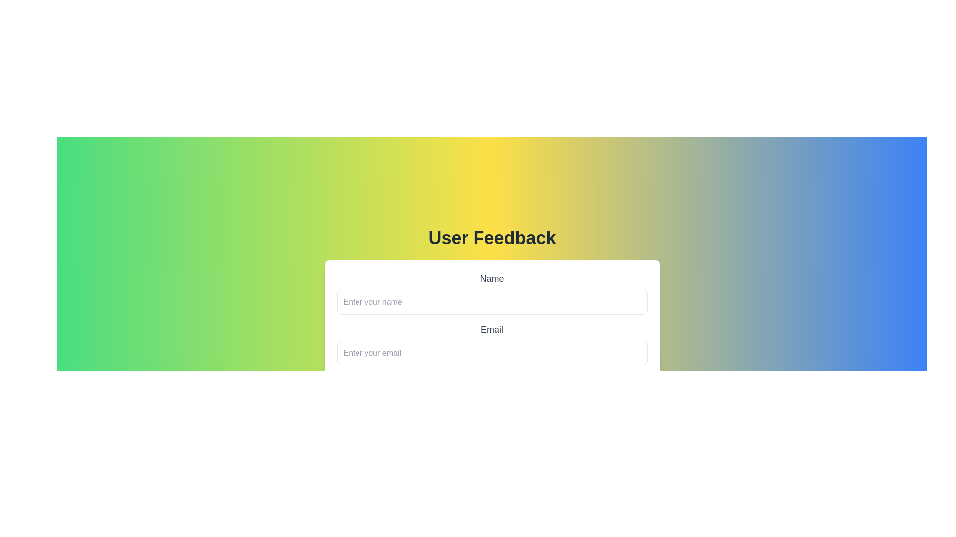 The image size is (956, 537). What do you see at coordinates (492, 278) in the screenshot?
I see `the text label displaying 'Name' in a large font, which is positioned at the top of the form layout above the name input field` at bounding box center [492, 278].